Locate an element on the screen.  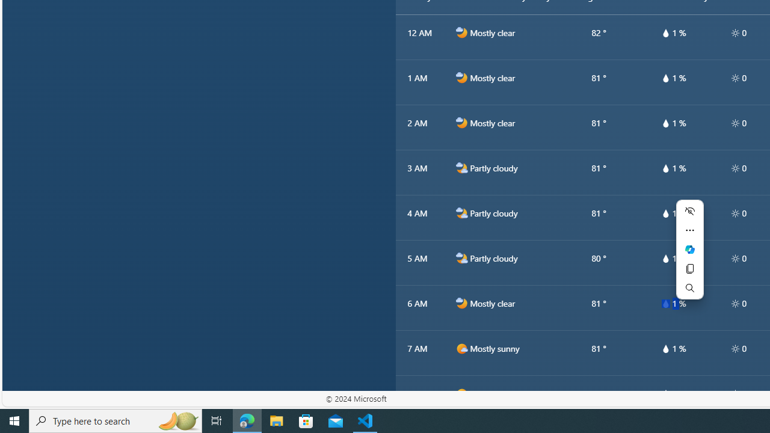
'More actions' is located at coordinates (689, 230).